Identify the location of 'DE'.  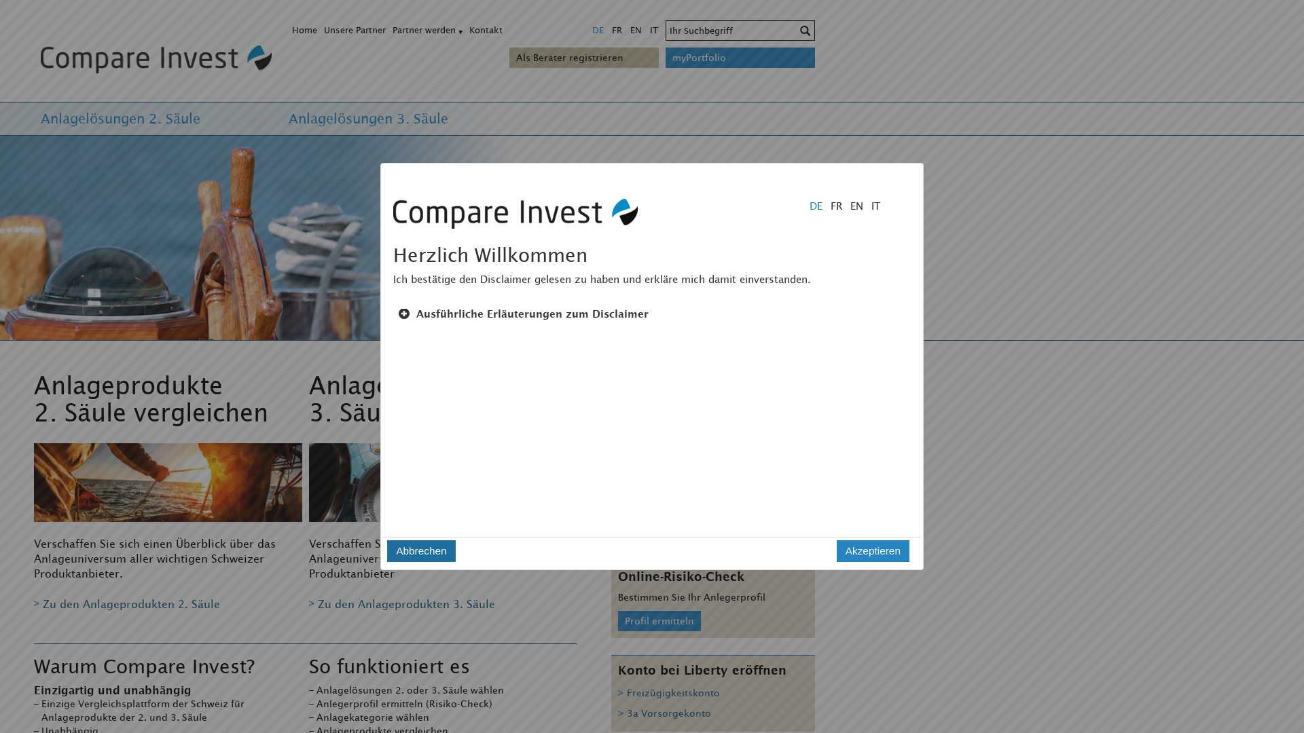
(598, 30).